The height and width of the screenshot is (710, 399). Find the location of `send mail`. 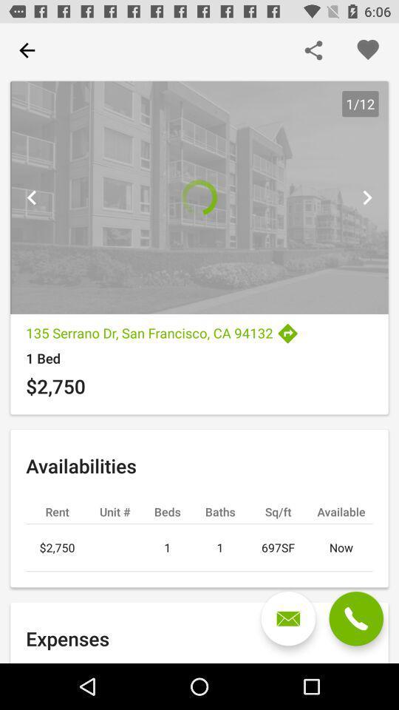

send mail is located at coordinates (288, 618).